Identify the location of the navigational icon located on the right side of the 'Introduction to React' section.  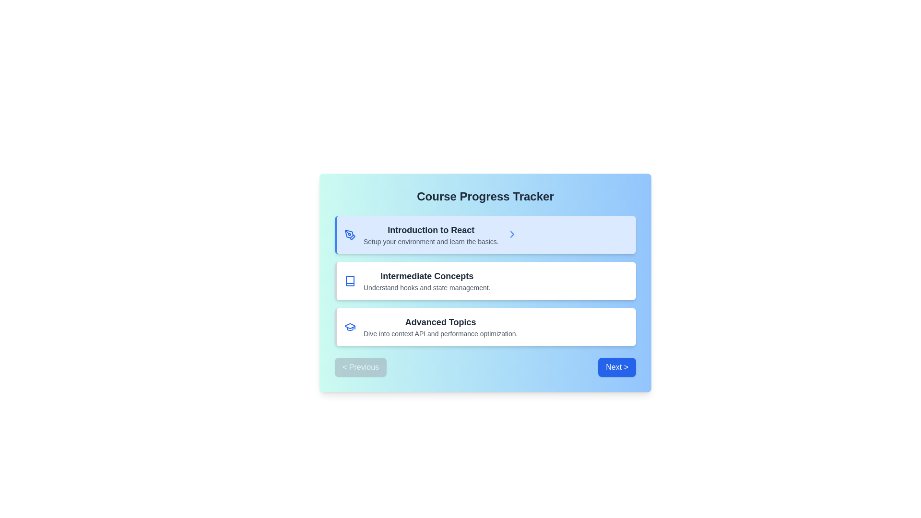
(511, 234).